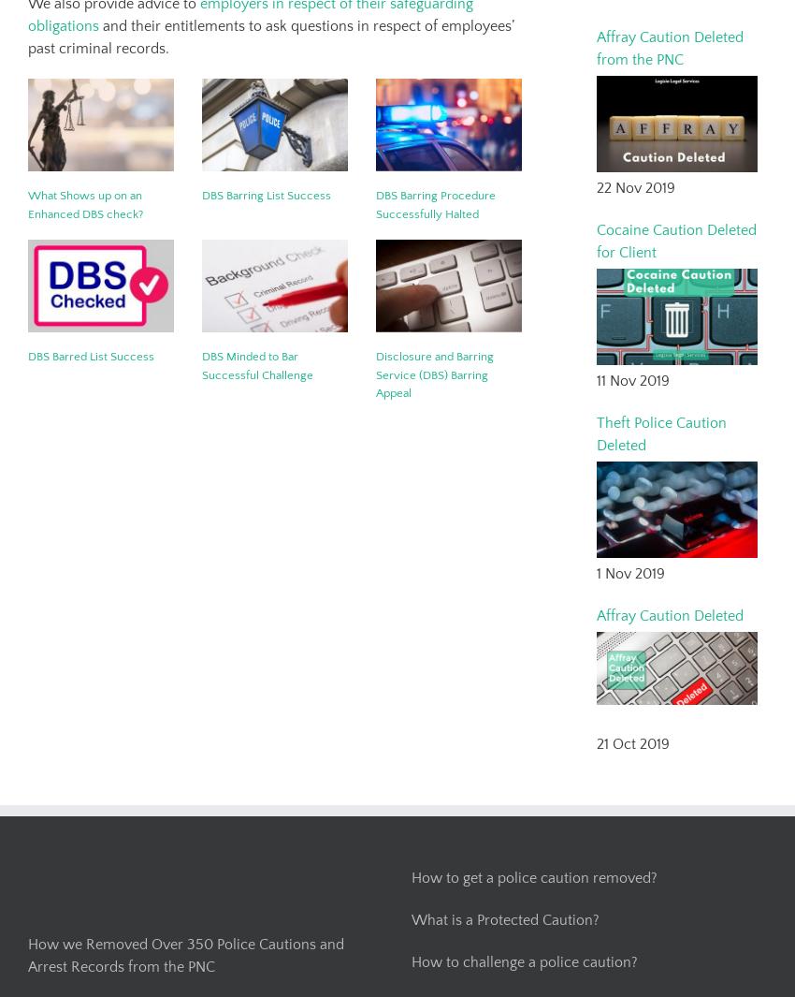 The height and width of the screenshot is (997, 795). I want to click on '1 Nov 2019', so click(630, 572).